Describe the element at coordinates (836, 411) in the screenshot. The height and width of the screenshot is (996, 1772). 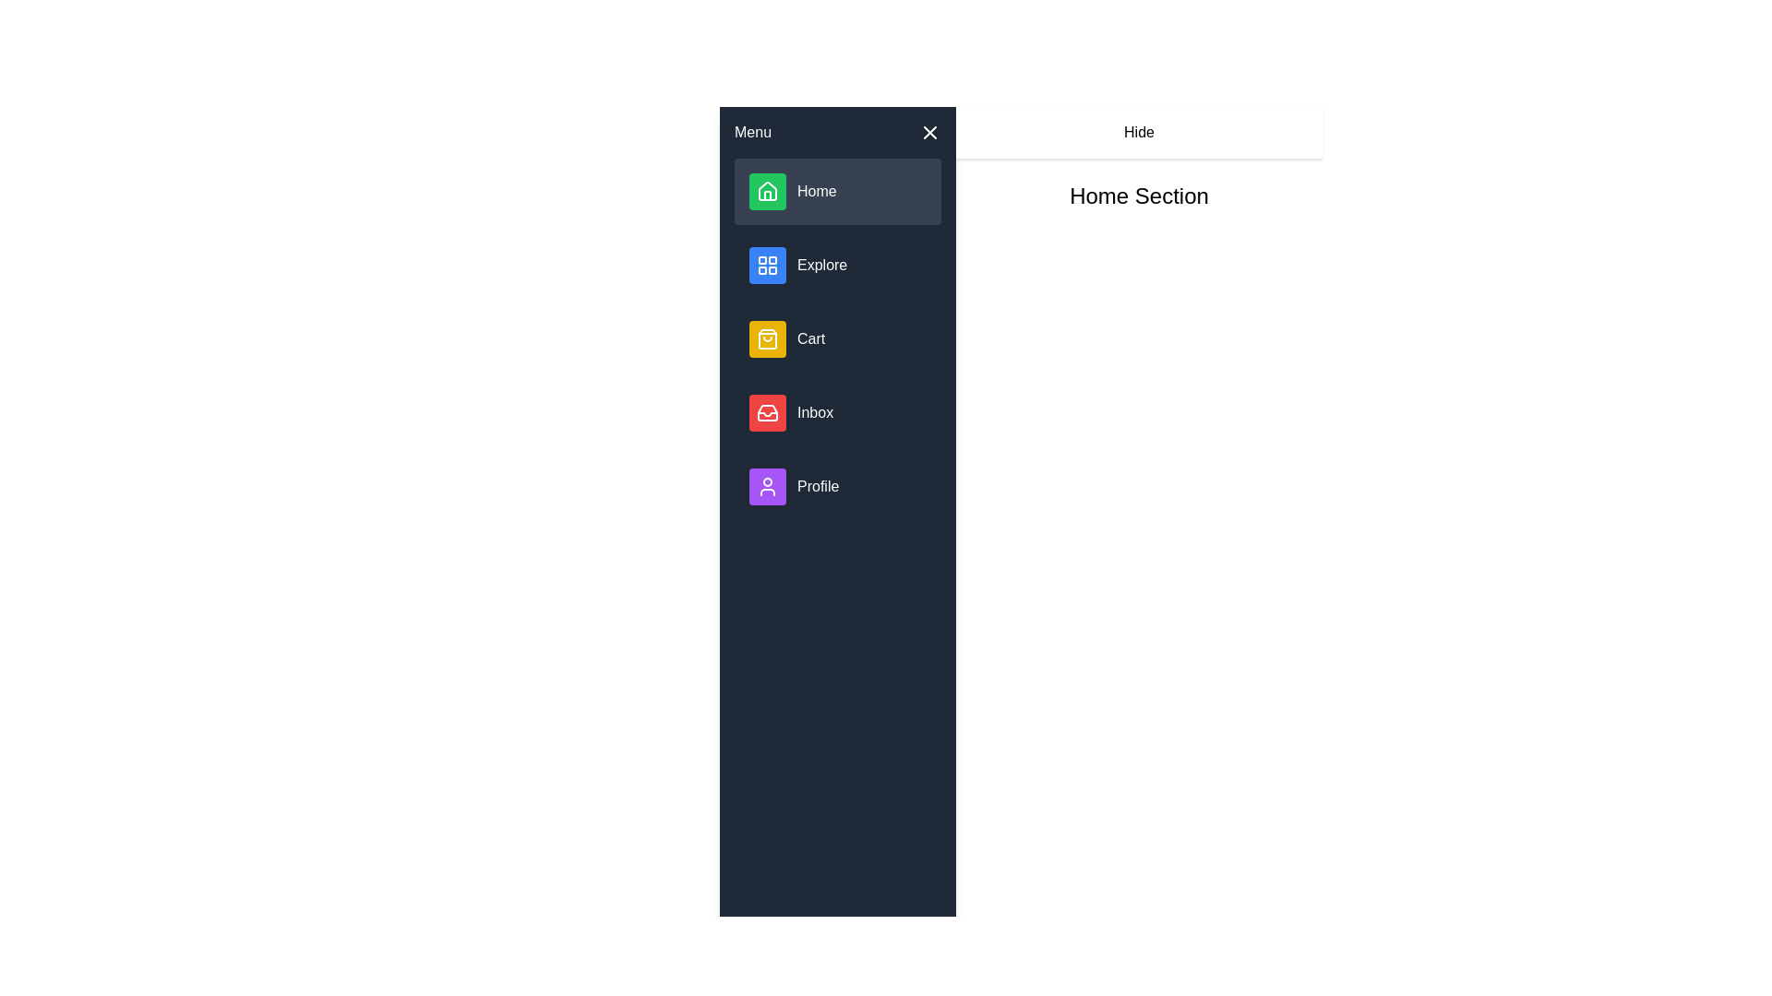
I see `the Inbox button, which is the fourth item in the vertical menu list on the left side of the interface, positioned below the Cart button and above the Profile button` at that location.